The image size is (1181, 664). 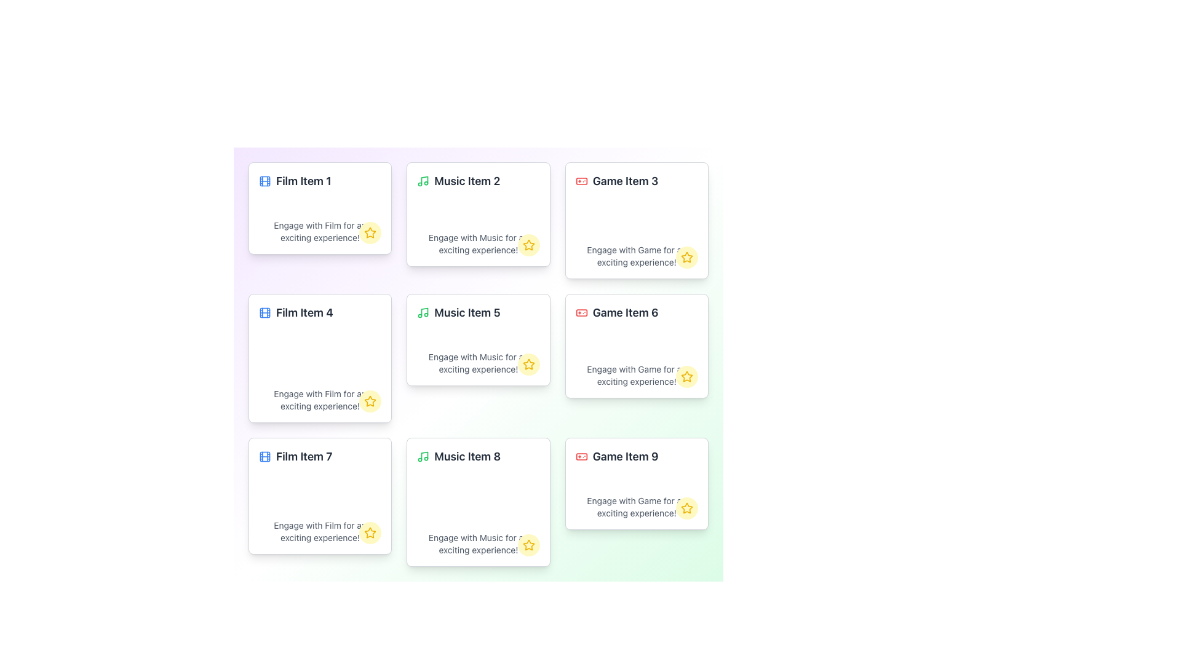 I want to click on the static text label for the gaming-related item, which is positioned in the first row of the rightmost column of a grid layout, next to a game controller icon, so click(x=625, y=181).